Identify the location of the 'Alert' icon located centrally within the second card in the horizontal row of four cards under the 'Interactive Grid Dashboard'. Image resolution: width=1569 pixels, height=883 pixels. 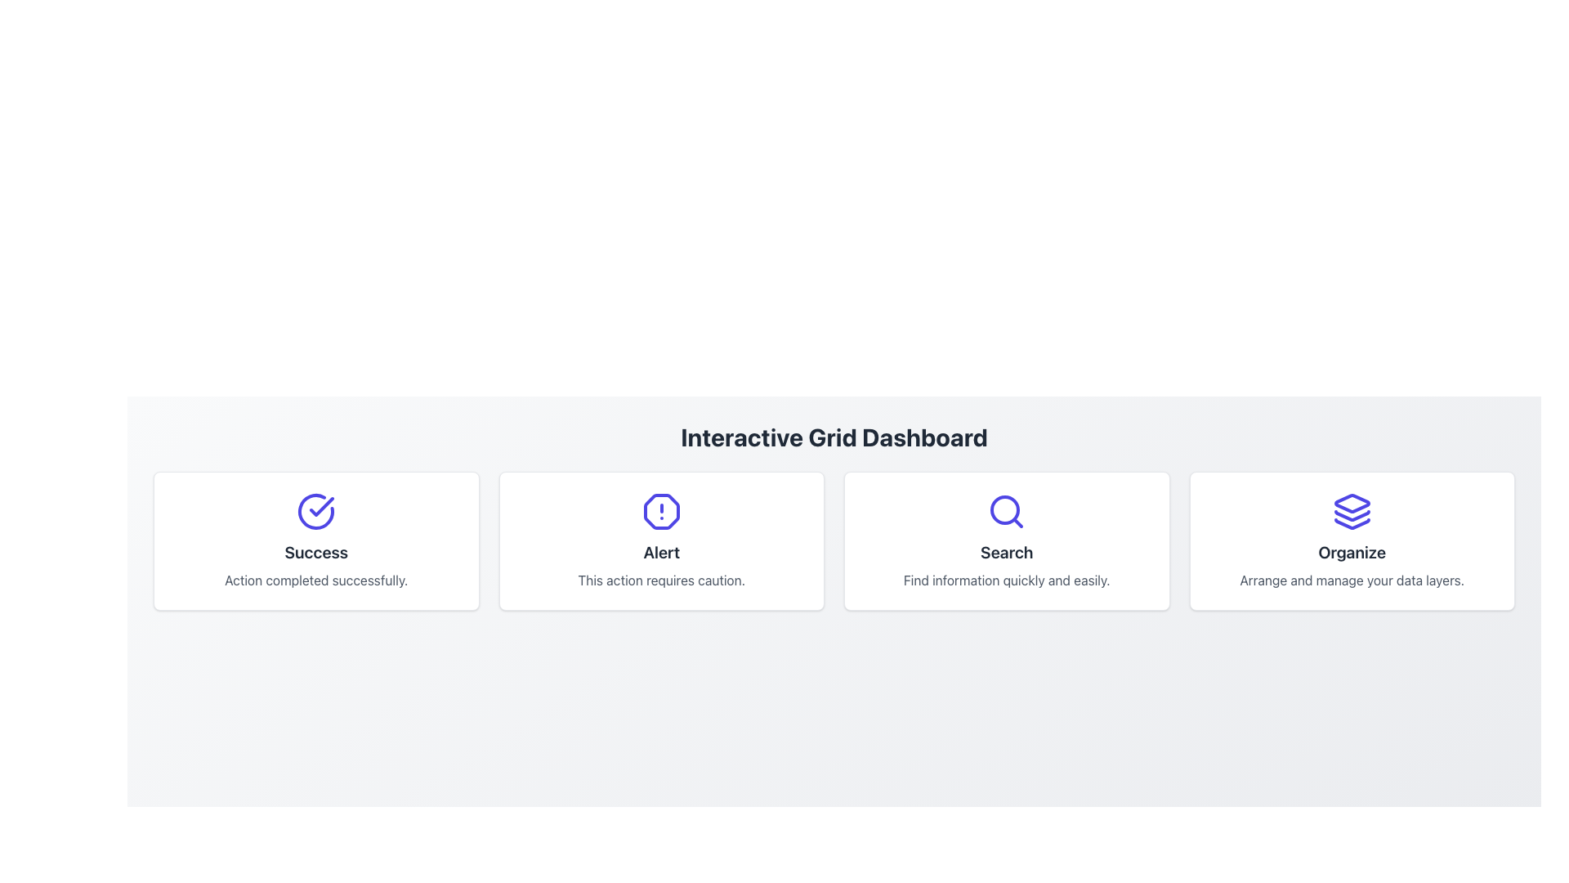
(661, 510).